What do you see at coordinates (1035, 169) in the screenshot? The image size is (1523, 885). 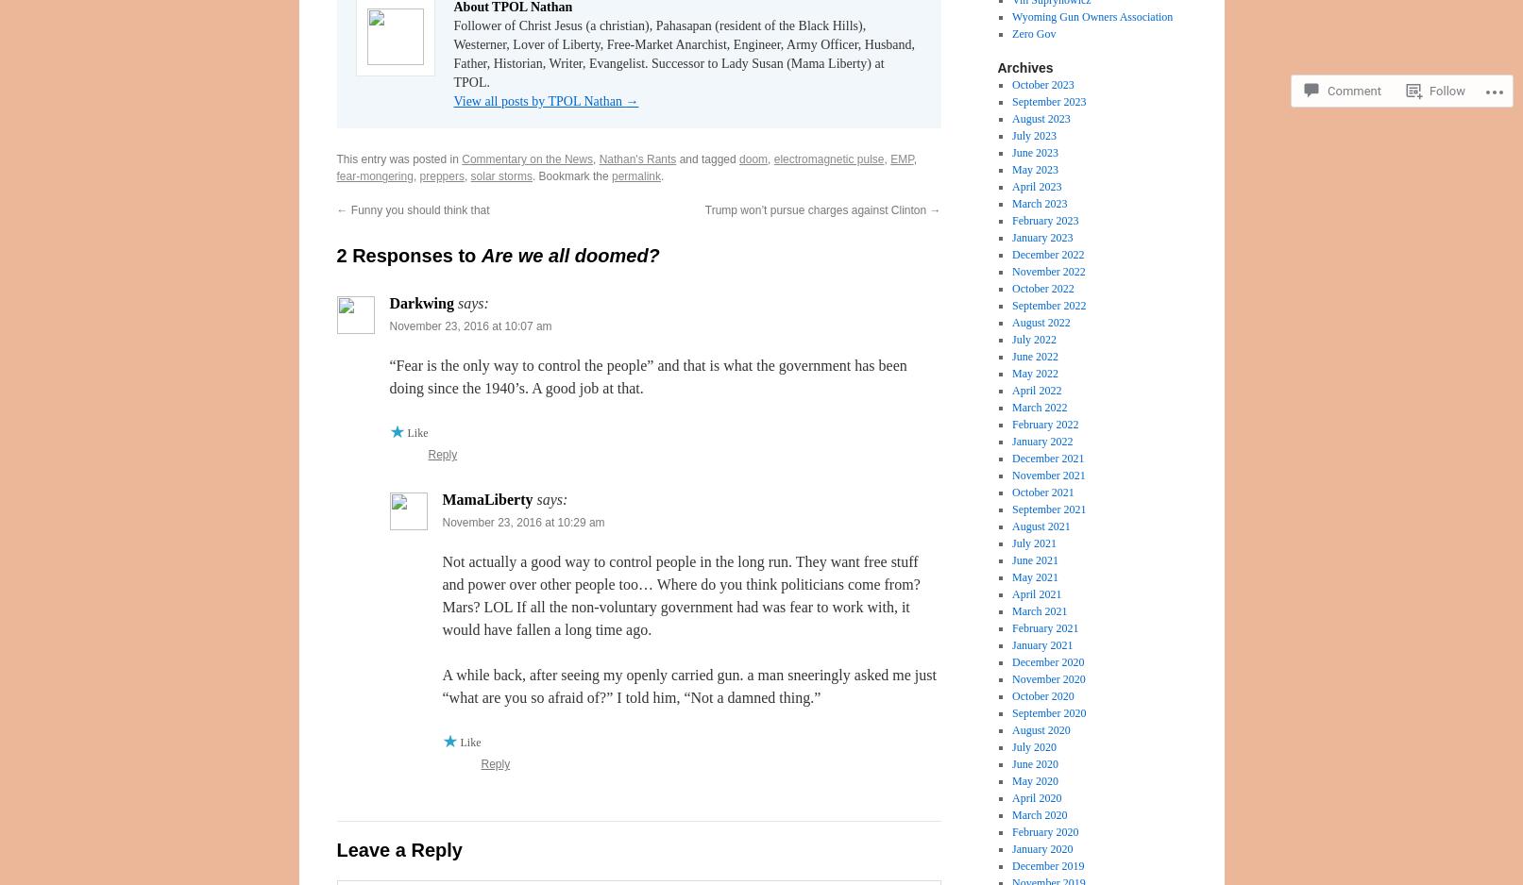 I see `'May 2023'` at bounding box center [1035, 169].